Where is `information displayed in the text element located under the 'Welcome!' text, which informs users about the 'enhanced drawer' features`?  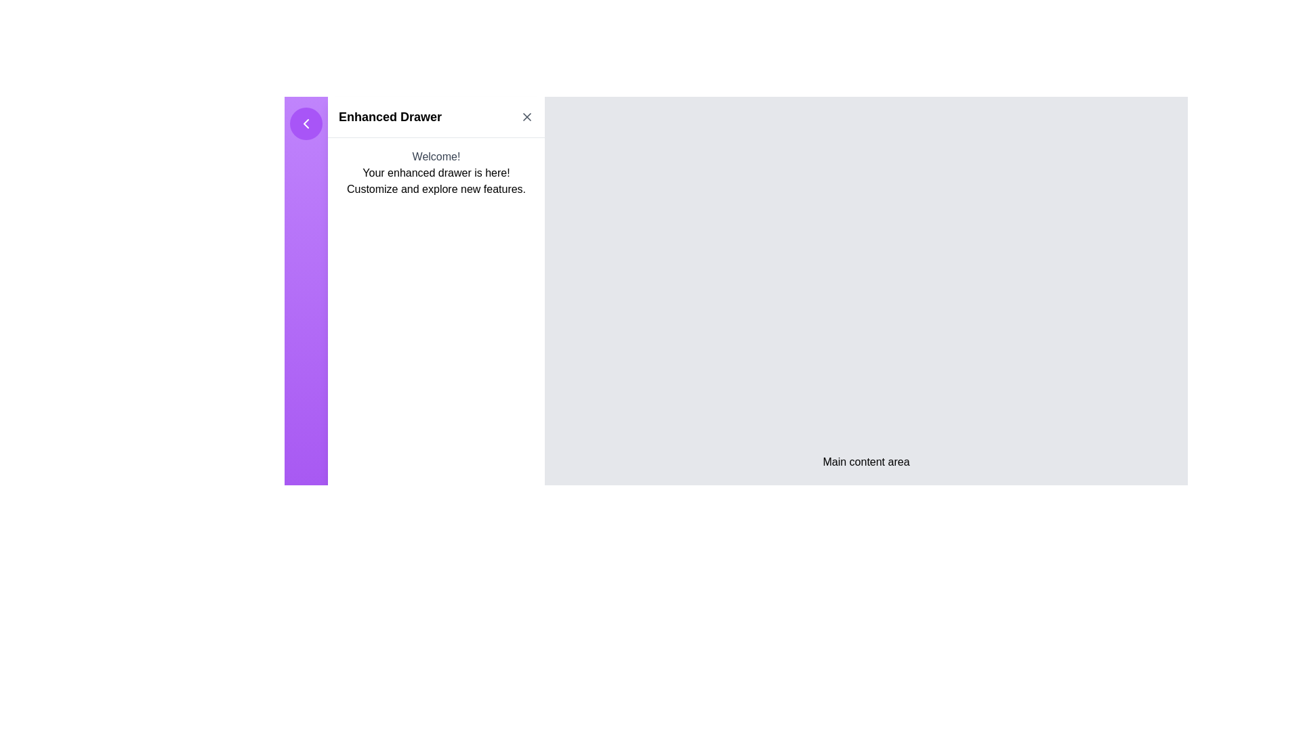
information displayed in the text element located under the 'Welcome!' text, which informs users about the 'enhanced drawer' features is located at coordinates (436, 180).